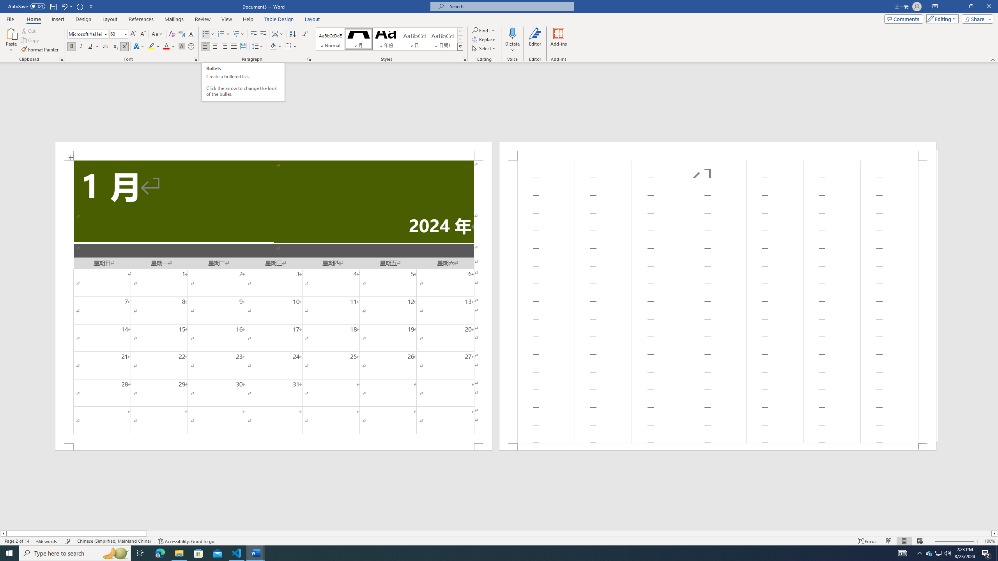 This screenshot has width=998, height=561. Describe the element at coordinates (105, 46) in the screenshot. I see `'Strikethrough'` at that location.